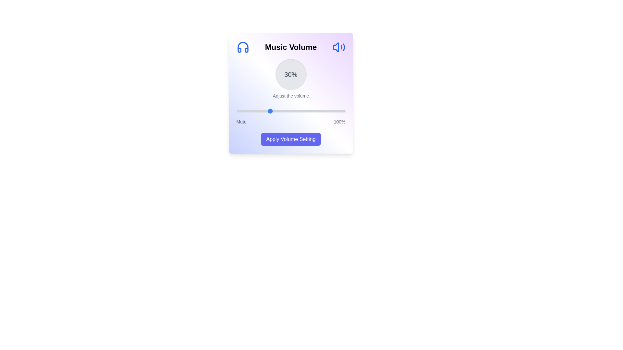 This screenshot has width=623, height=350. I want to click on the volume slider to 14%, so click(251, 111).